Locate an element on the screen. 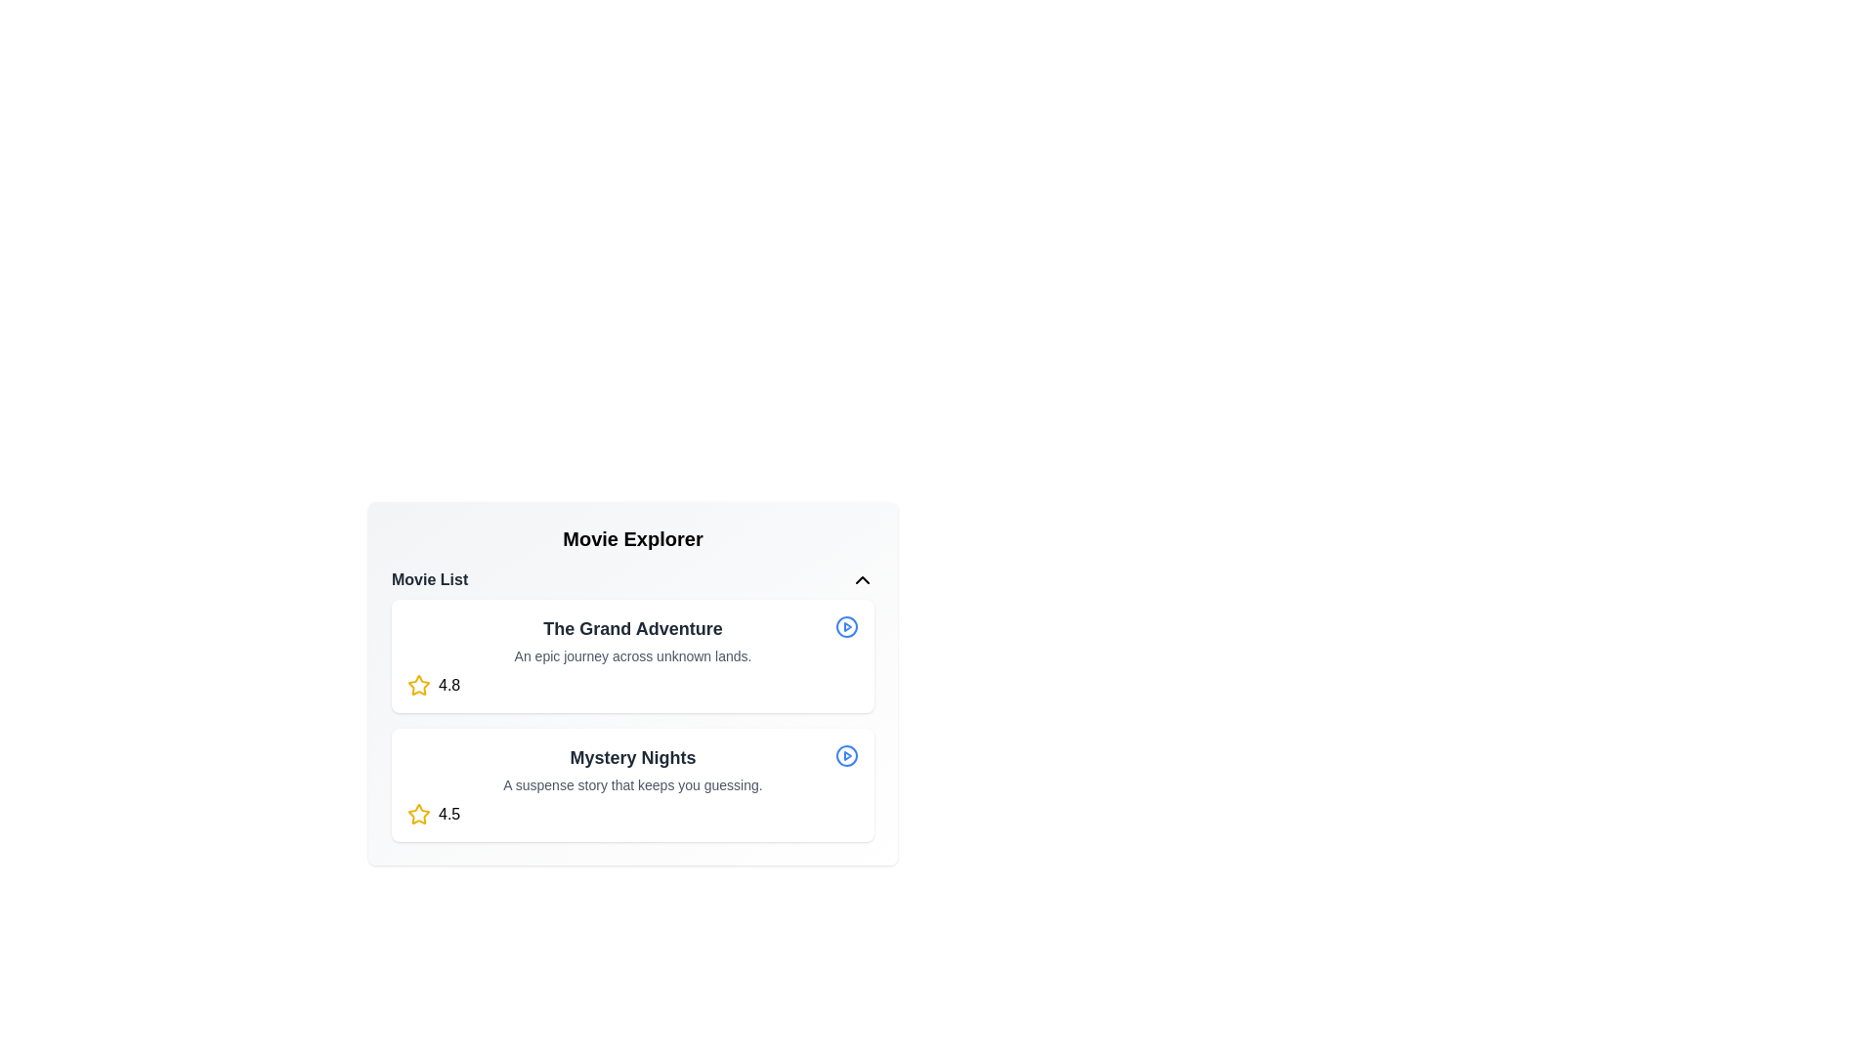 Image resolution: width=1876 pixels, height=1055 pixels. the 'Movie List' header to toggle the expansion of the movie list is located at coordinates (633, 579).